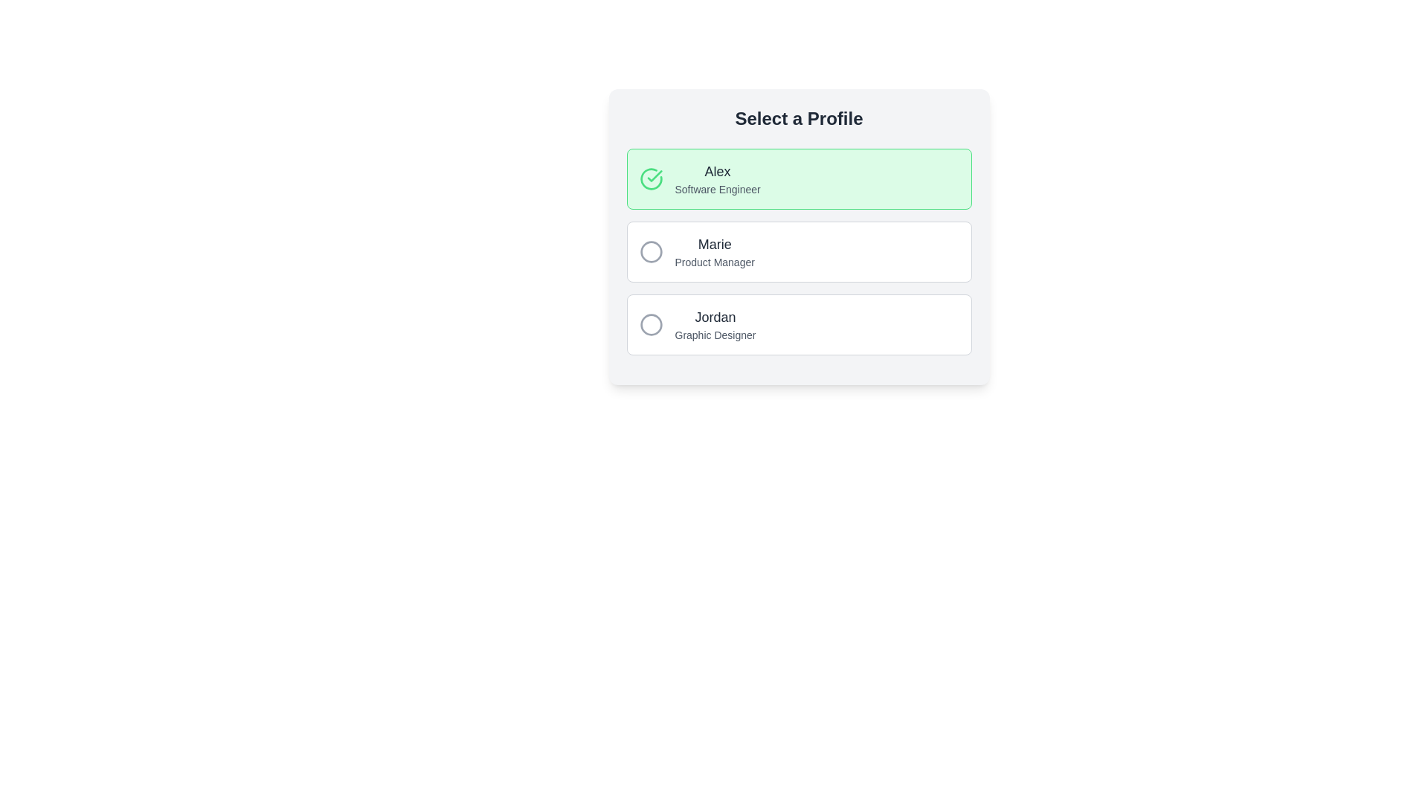 The height and width of the screenshot is (803, 1428). I want to click on the text label displaying 'Marie' in bold, dark-gray font, which is positioned vertically in the second block of selectable profiles, above the label 'Product Manager', so click(715, 243).